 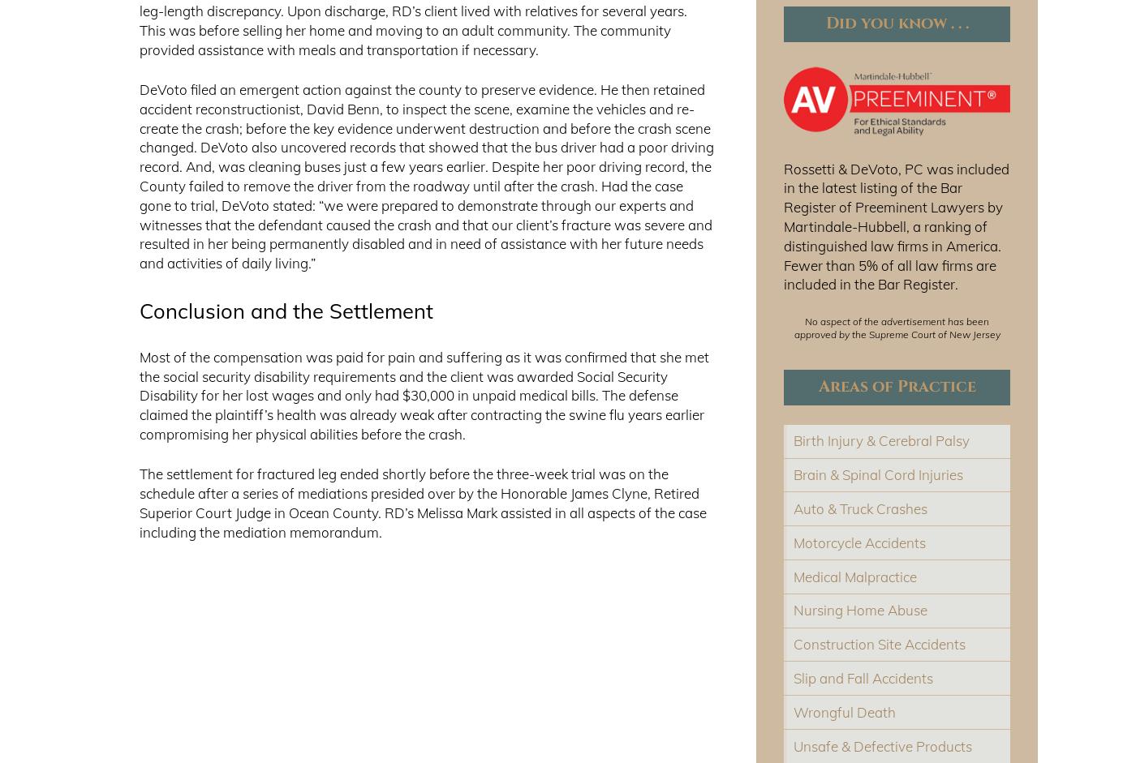 What do you see at coordinates (878, 474) in the screenshot?
I see `'Brain & Spinal Cord Injuries'` at bounding box center [878, 474].